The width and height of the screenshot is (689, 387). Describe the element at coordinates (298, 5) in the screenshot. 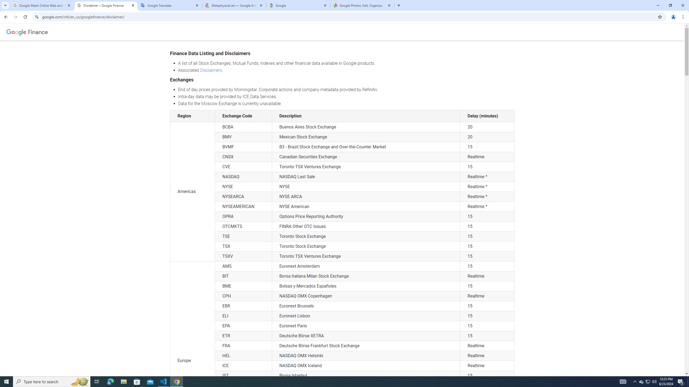

I see `'Google'` at that location.